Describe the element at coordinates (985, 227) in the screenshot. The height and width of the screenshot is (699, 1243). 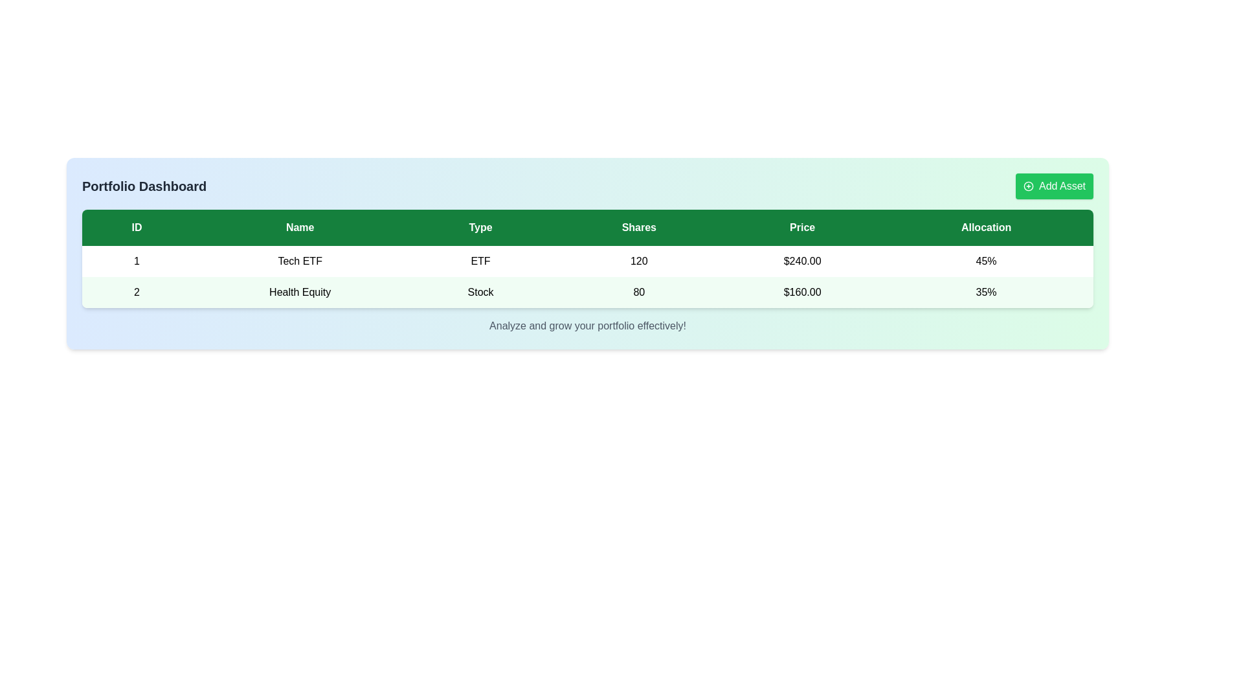
I see `the 'Allocation' table header located at the far right of the header row to sort the column` at that location.